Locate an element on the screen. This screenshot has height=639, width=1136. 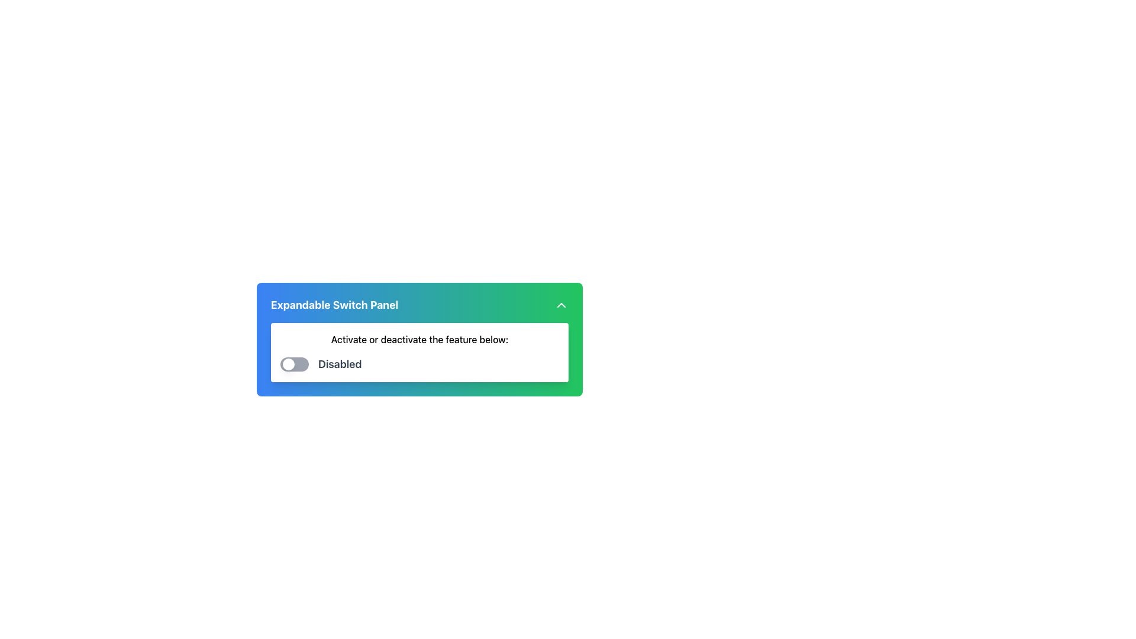
the toggle switch located in the 'Disabled' section to change its state from 'off' to 'on' is located at coordinates (295, 364).